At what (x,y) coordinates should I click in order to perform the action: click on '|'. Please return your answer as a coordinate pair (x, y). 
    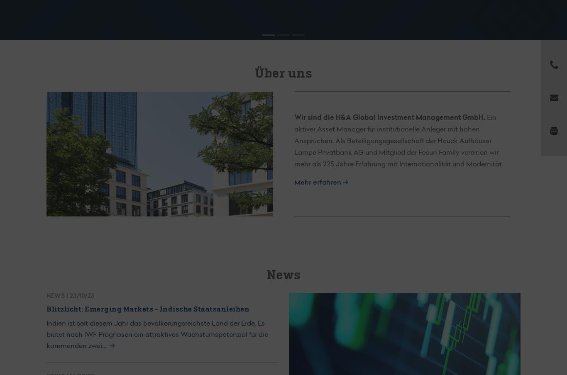
    Looking at the image, I should click on (67, 296).